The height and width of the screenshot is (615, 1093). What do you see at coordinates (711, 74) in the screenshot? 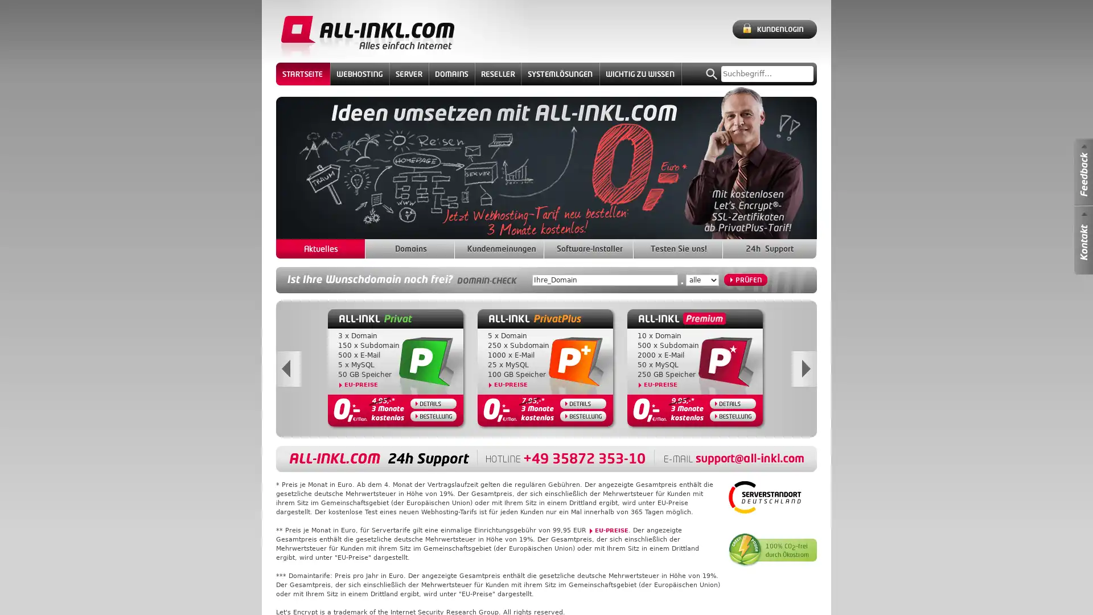
I see `Suche` at bounding box center [711, 74].